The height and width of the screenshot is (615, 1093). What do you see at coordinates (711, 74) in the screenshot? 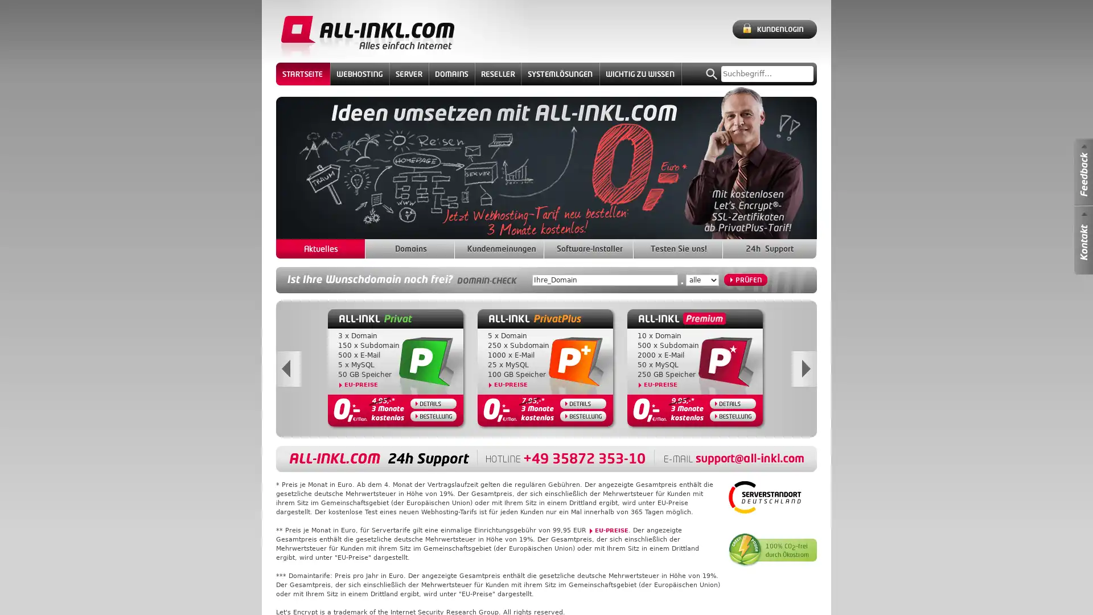
I see `Suche` at bounding box center [711, 74].